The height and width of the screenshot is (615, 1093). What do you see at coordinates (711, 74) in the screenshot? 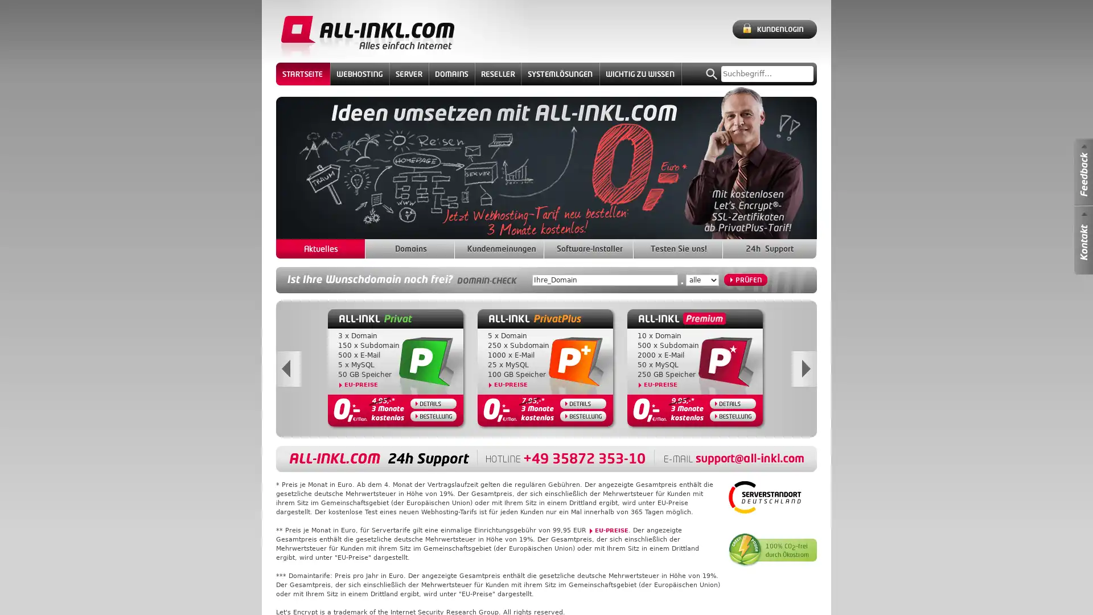
I see `Suche` at bounding box center [711, 74].